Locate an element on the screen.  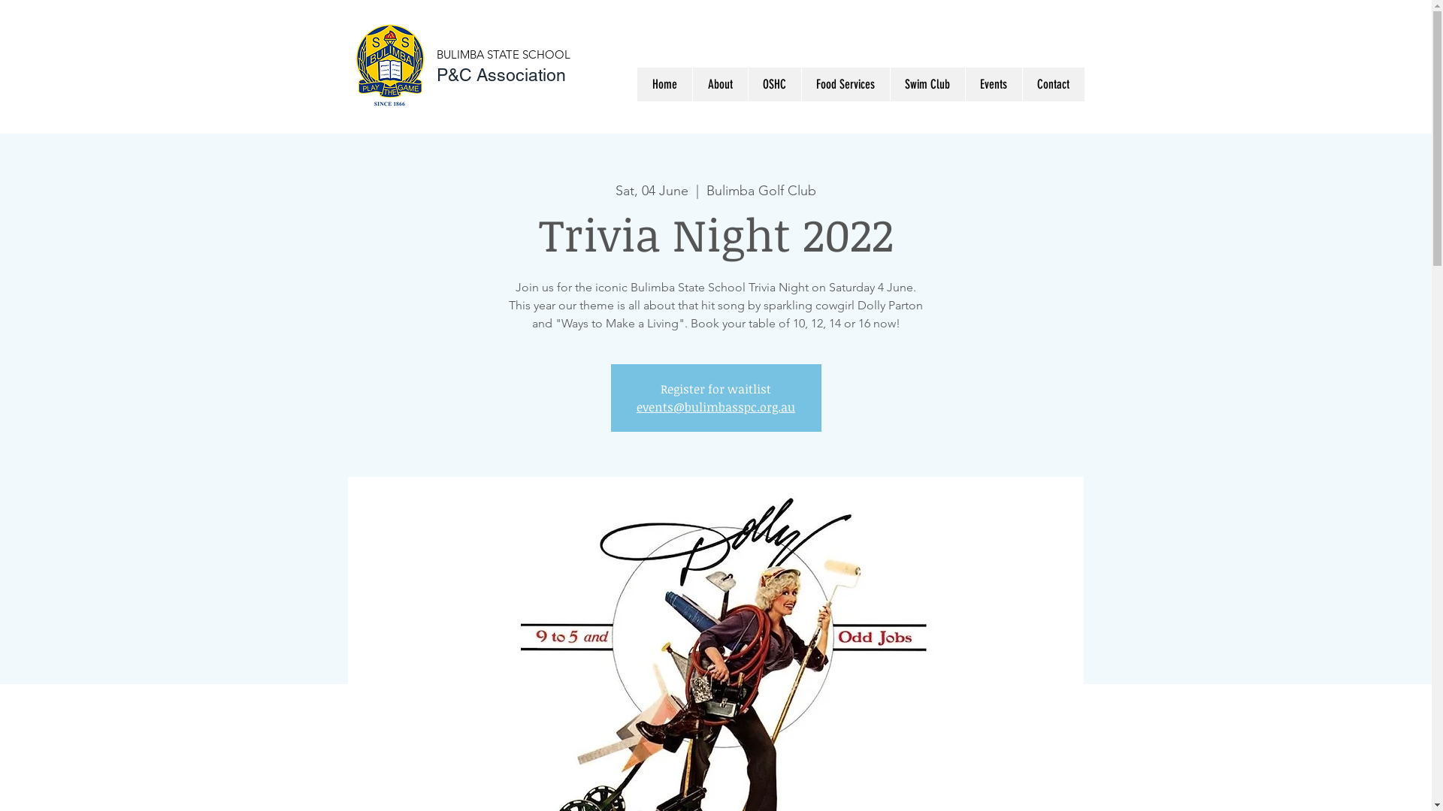
'About' is located at coordinates (718, 84).